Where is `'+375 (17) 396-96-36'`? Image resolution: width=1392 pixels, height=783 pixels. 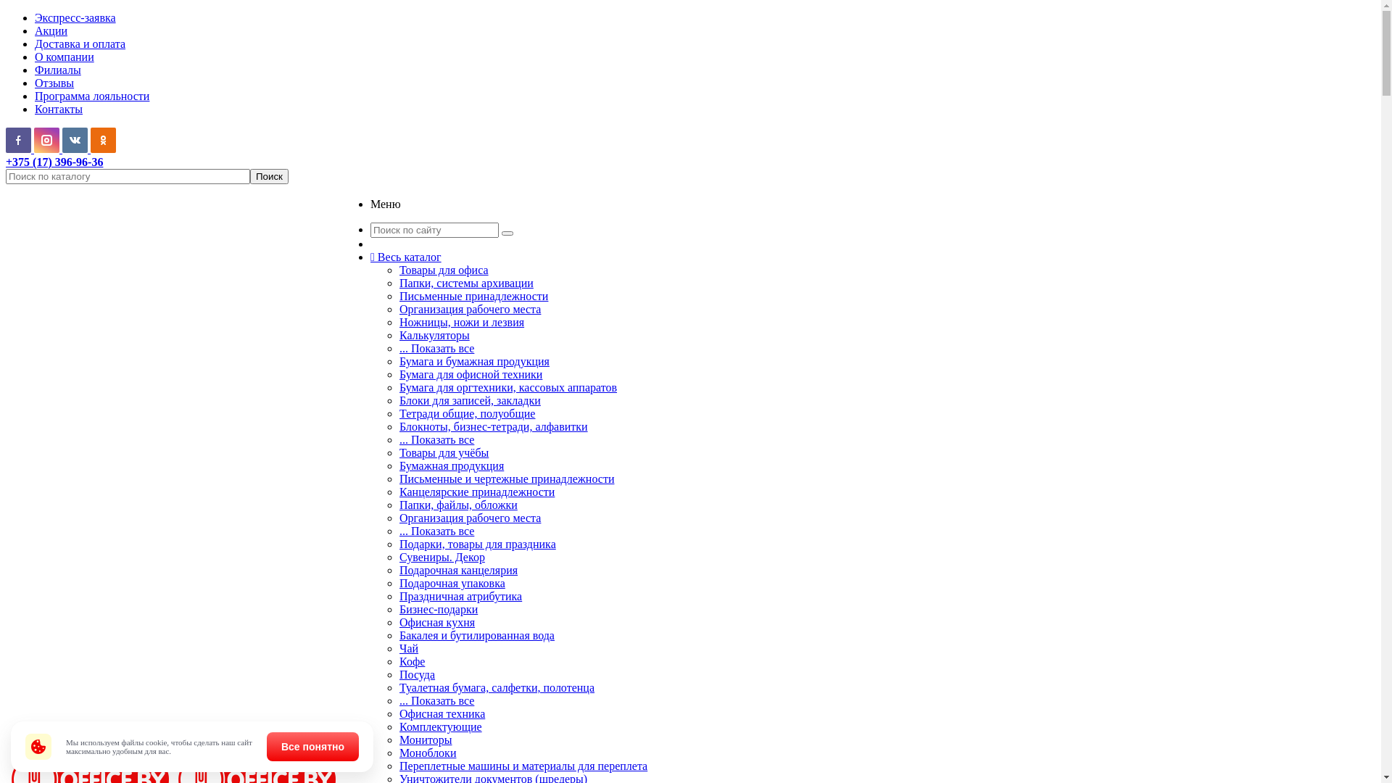 '+375 (17) 396-96-36' is located at coordinates (54, 162).